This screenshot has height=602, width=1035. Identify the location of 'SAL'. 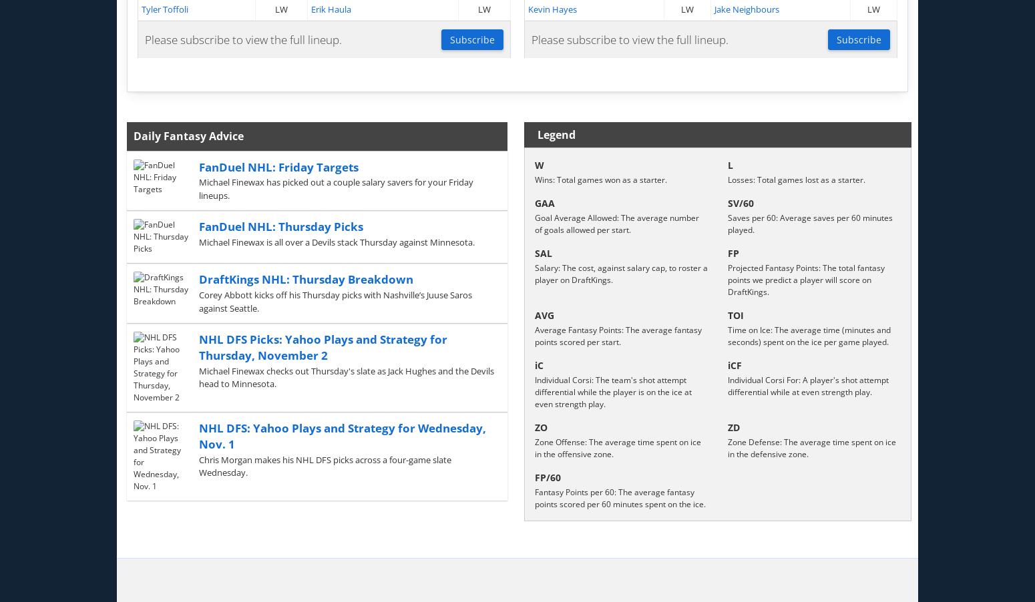
(543, 253).